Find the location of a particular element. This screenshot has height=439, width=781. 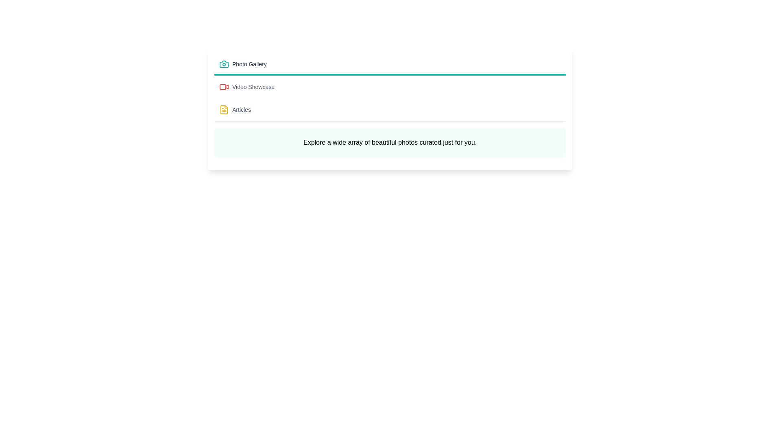

the tab corresponding to Video Showcase is located at coordinates (390, 88).